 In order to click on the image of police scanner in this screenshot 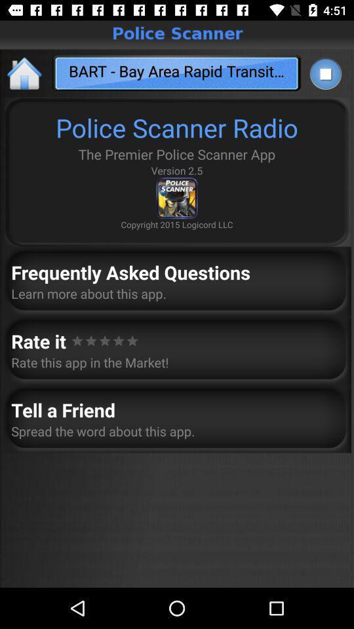, I will do `click(177, 198)`.